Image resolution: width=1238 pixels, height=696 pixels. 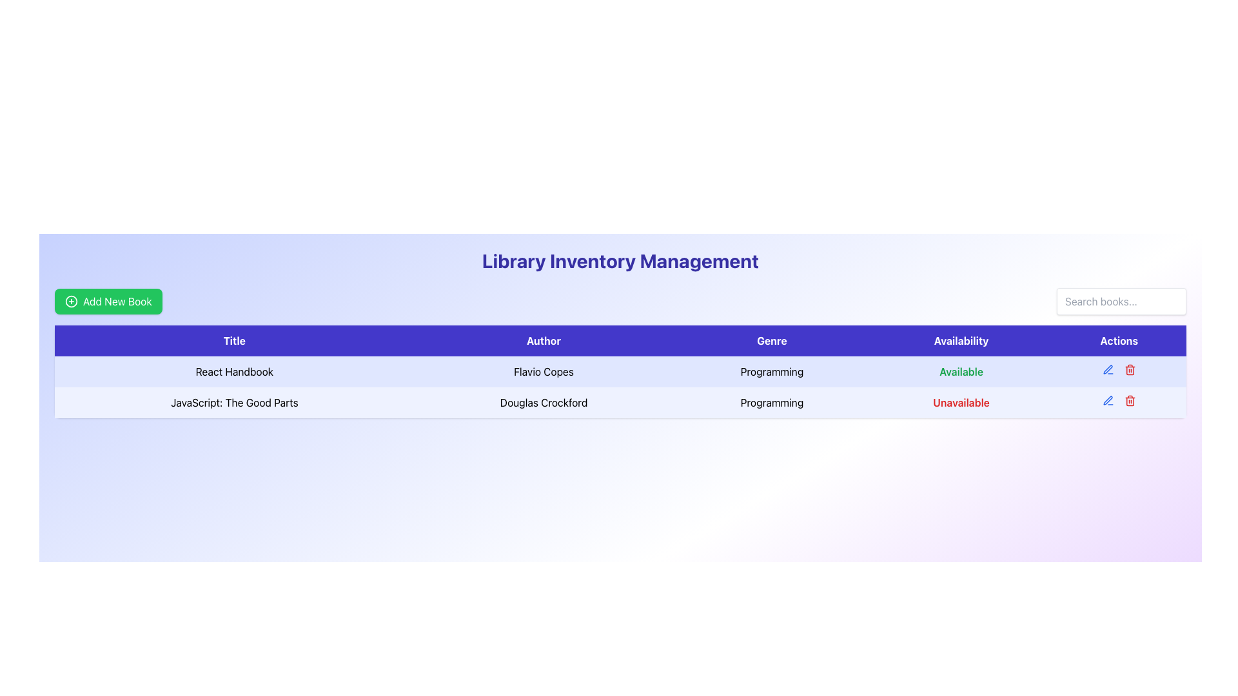 I want to click on the text label that reads 'Available', styled with a bold font and green color, located in the fourth column of the table in the first row, so click(x=961, y=372).